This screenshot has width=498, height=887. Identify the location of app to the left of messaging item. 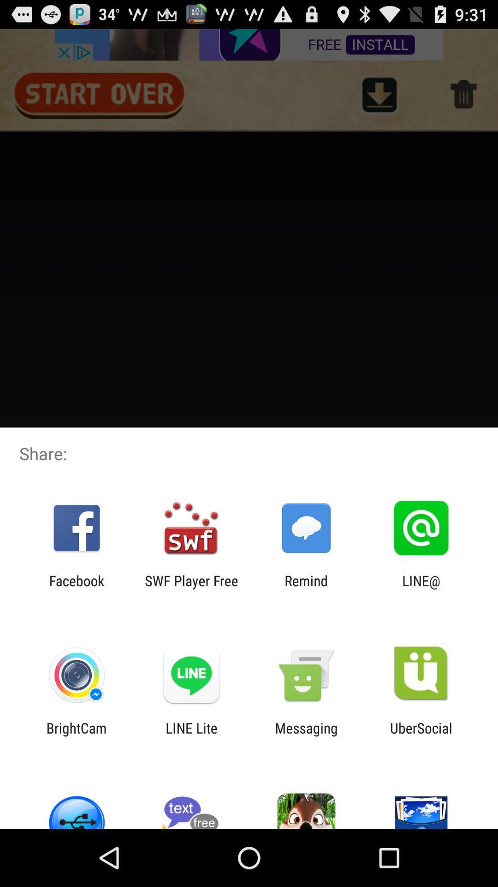
(191, 735).